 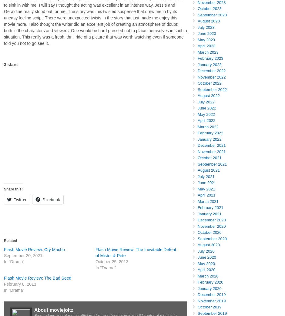 What do you see at coordinates (10, 241) in the screenshot?
I see `'Related'` at bounding box center [10, 241].